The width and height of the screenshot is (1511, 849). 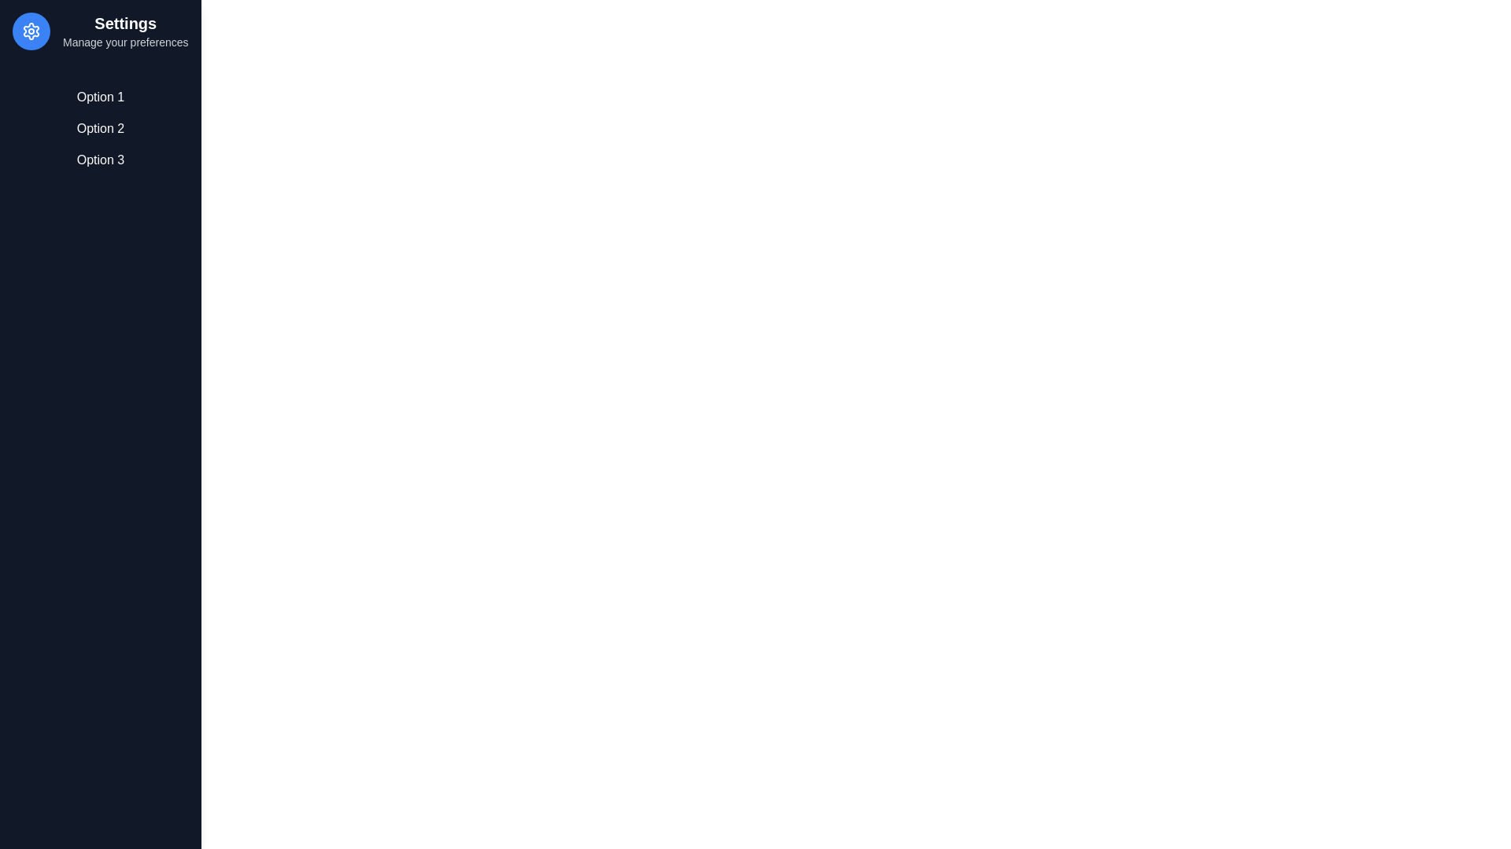 I want to click on the circular blue button with a white settings gear icon located at the top left corner of the interface, adjacent to the 'Settings' heading, so click(x=31, y=31).